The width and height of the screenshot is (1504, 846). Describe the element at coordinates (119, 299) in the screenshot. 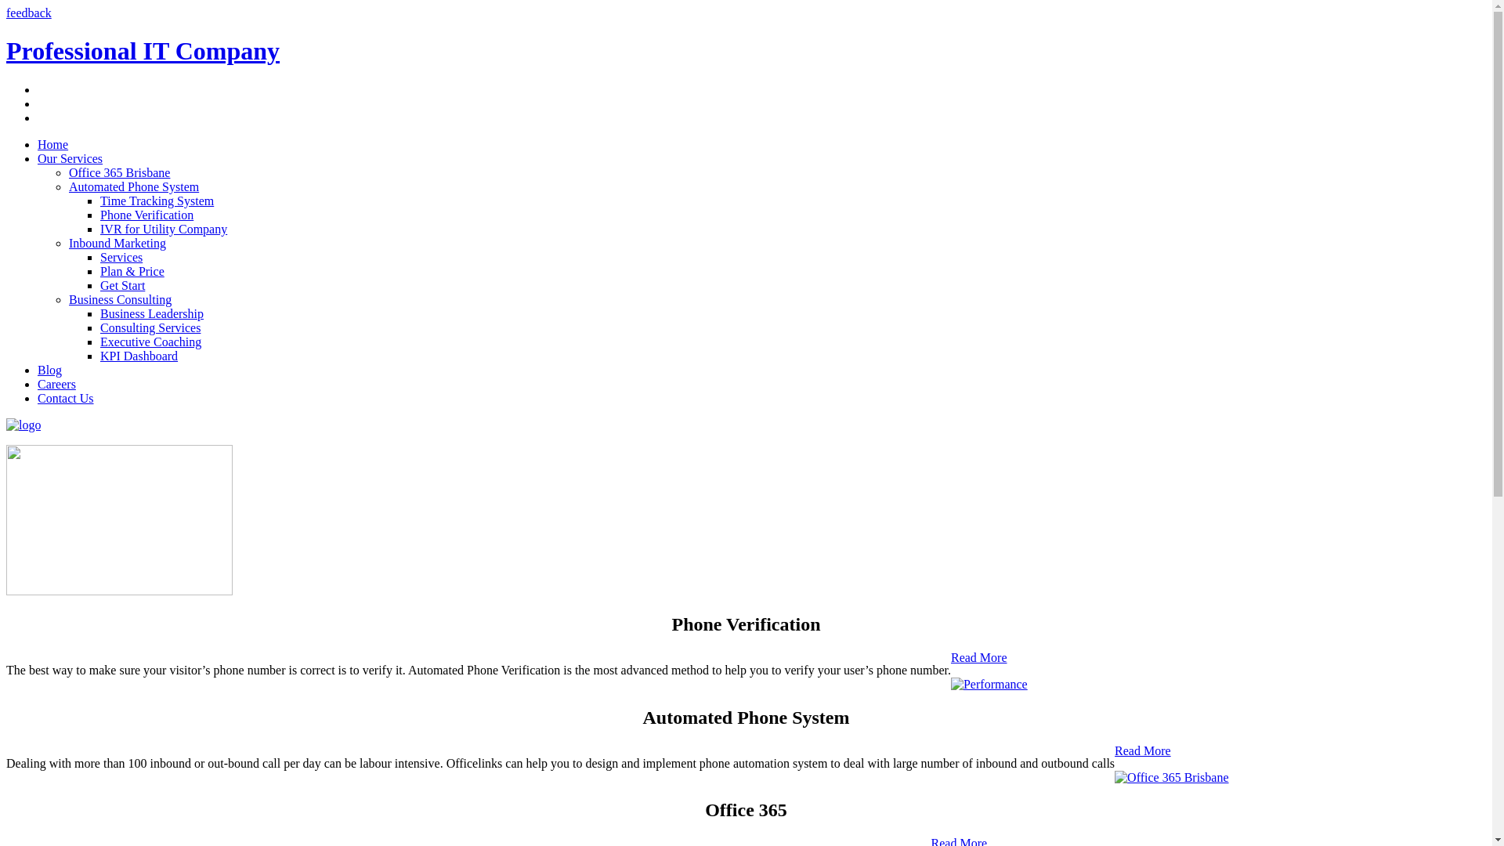

I see `'Business Consulting'` at that location.